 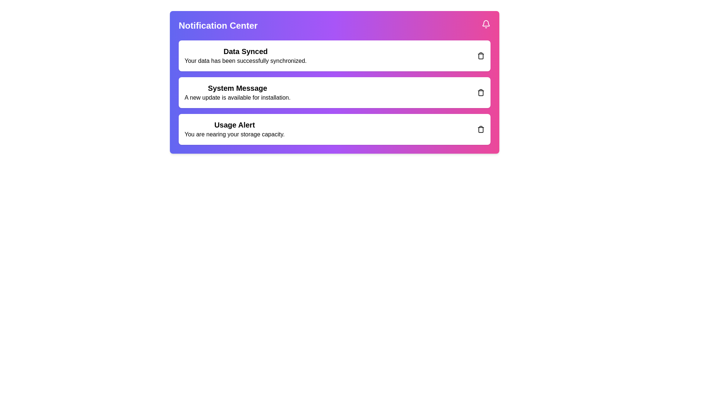 What do you see at coordinates (238, 92) in the screenshot?
I see `the static text-based notification component located in the second section of the notifications list, which informs about a system update` at bounding box center [238, 92].